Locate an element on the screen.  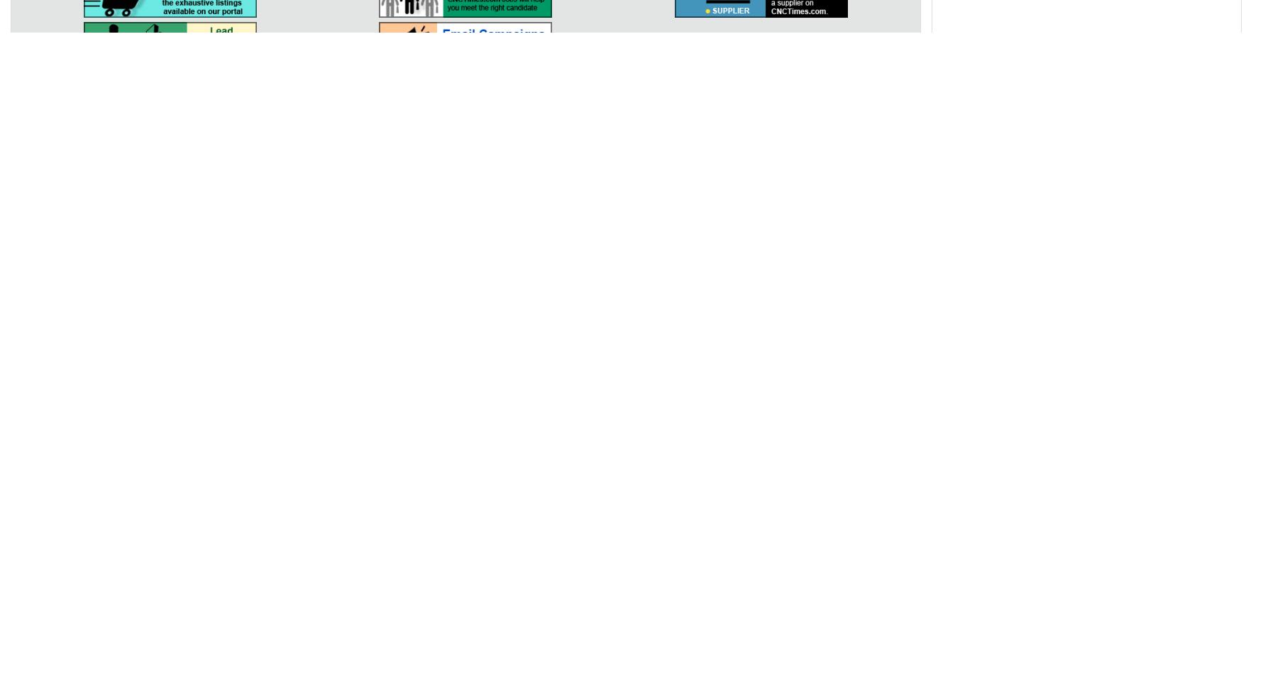
'Aerospace' is located at coordinates (879, 189).